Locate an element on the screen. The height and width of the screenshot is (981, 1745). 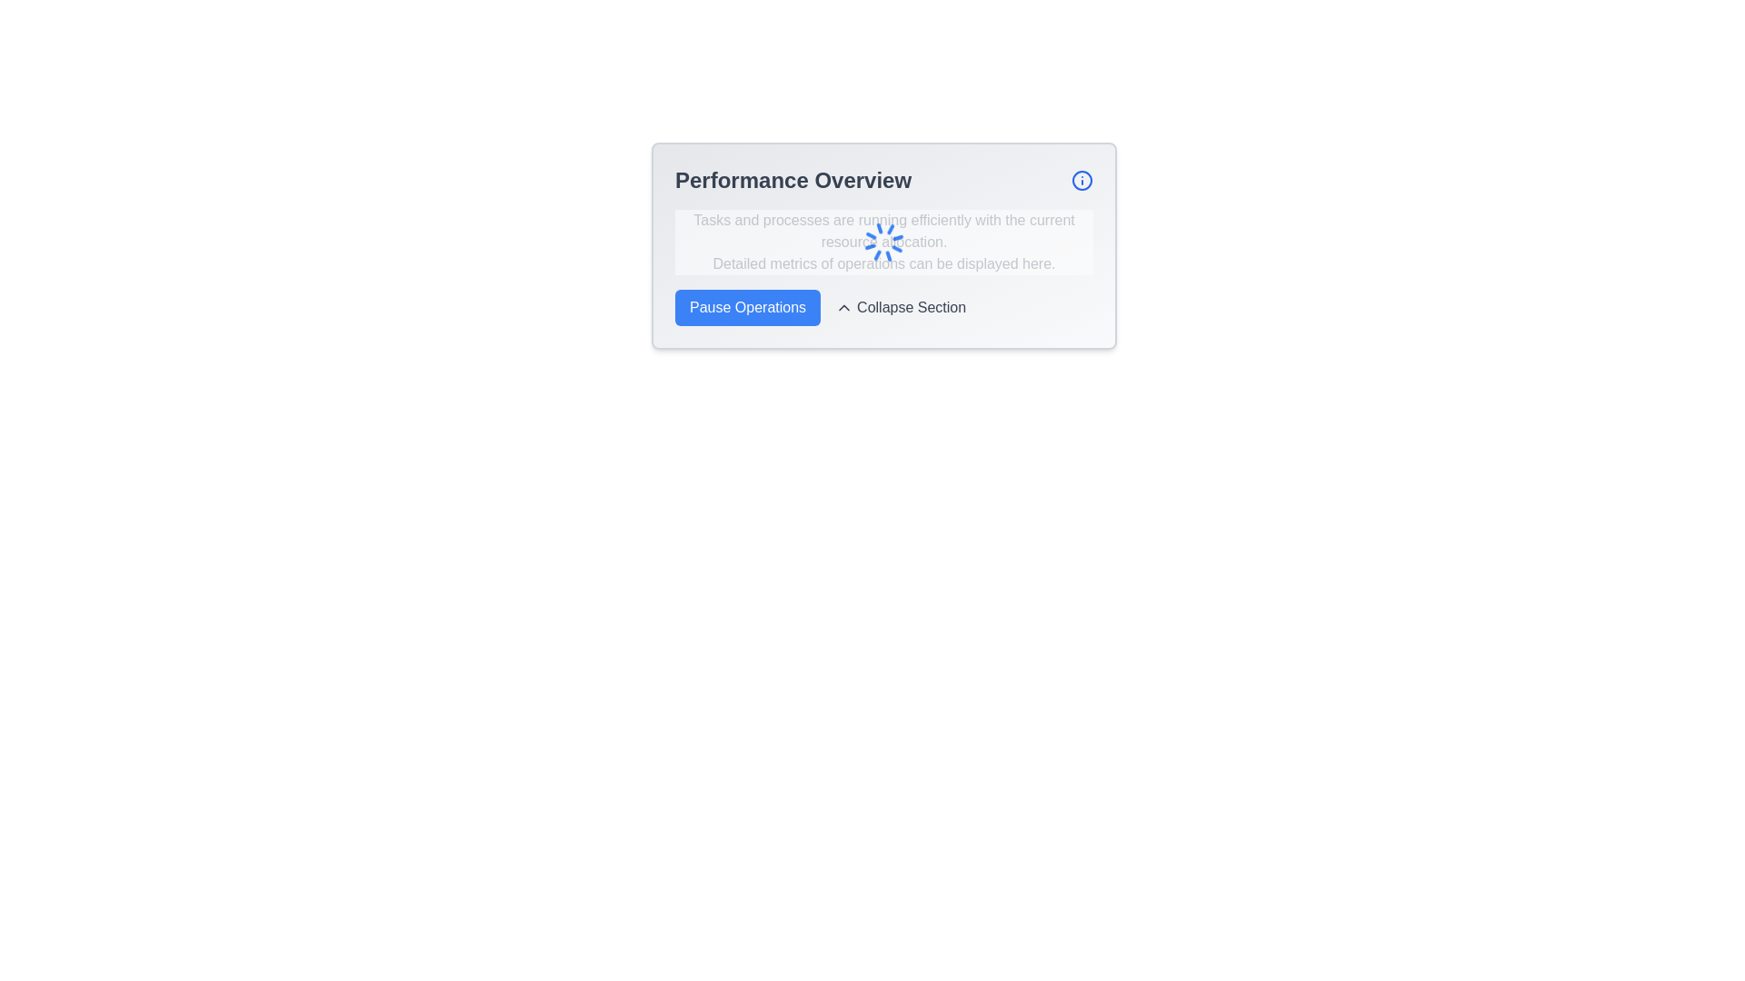
the icon within the 'Collapse Section' button located at the bottom-right corner of the 'Performance Overview' card is located at coordinates (843, 307).